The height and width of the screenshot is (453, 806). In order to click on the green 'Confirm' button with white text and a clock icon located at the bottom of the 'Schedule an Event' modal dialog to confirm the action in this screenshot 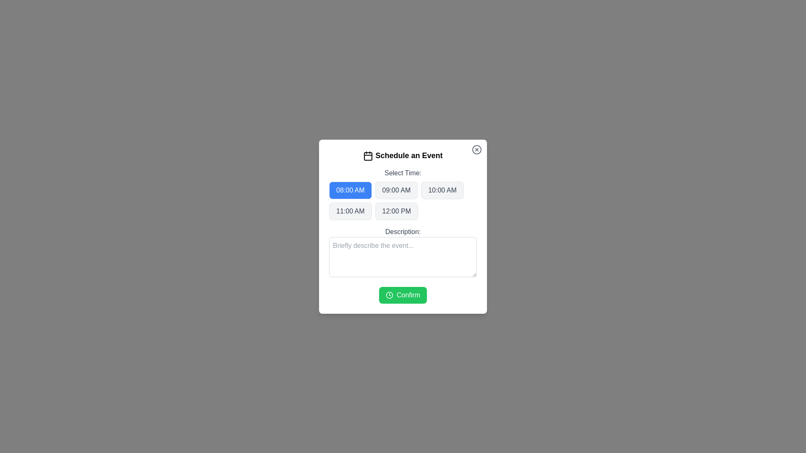, I will do `click(403, 294)`.